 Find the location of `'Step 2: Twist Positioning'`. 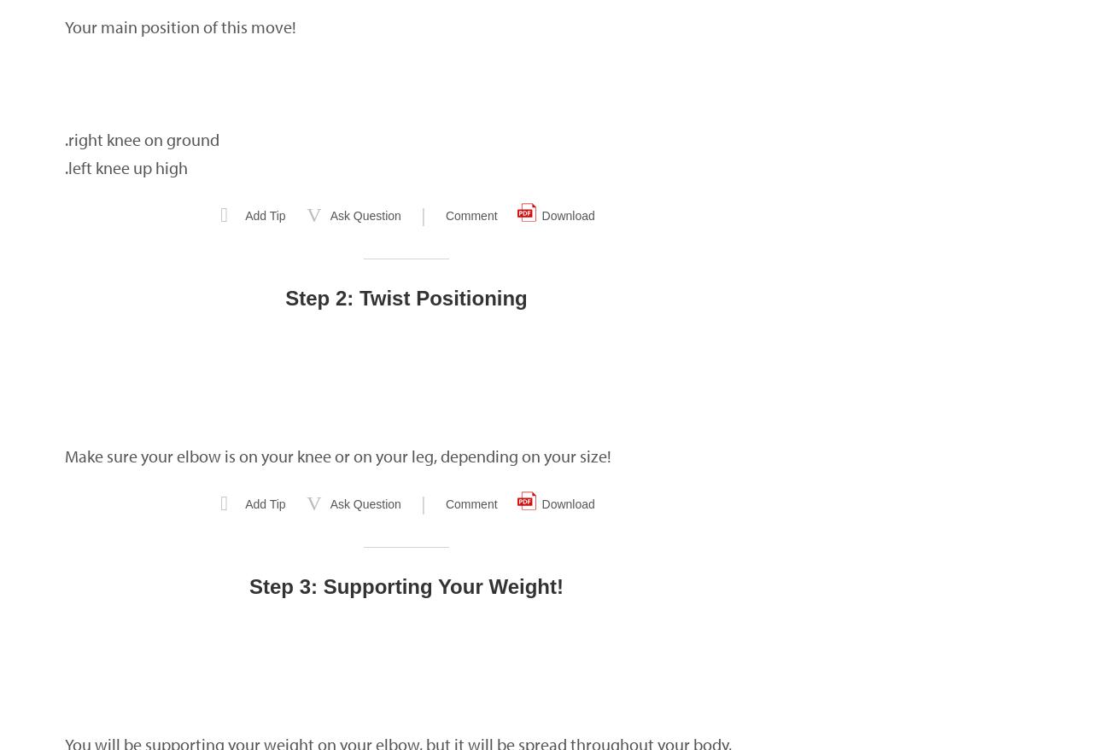

'Step 2: Twist Positioning' is located at coordinates (284, 297).